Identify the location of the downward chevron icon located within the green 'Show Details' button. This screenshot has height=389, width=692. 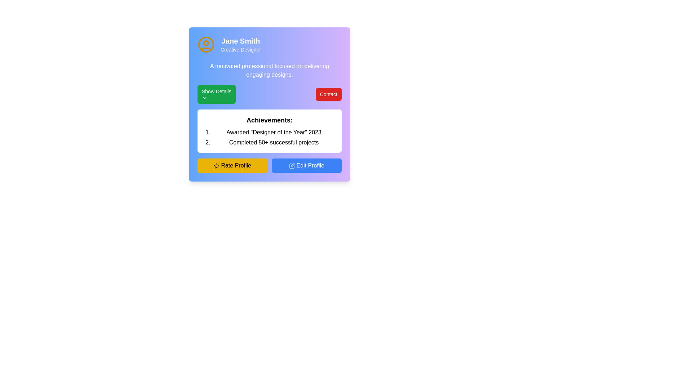
(204, 98).